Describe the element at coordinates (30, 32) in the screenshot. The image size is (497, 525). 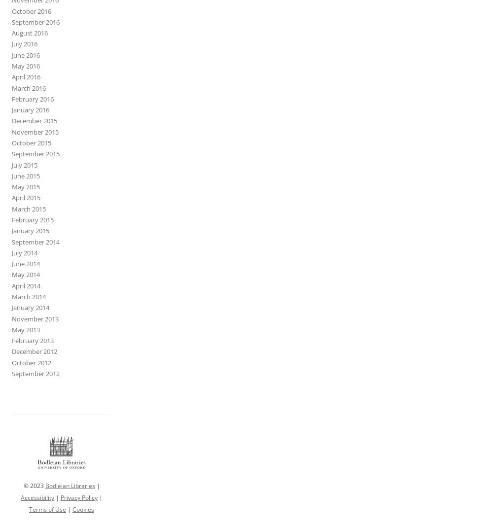
I see `'August 2016'` at that location.